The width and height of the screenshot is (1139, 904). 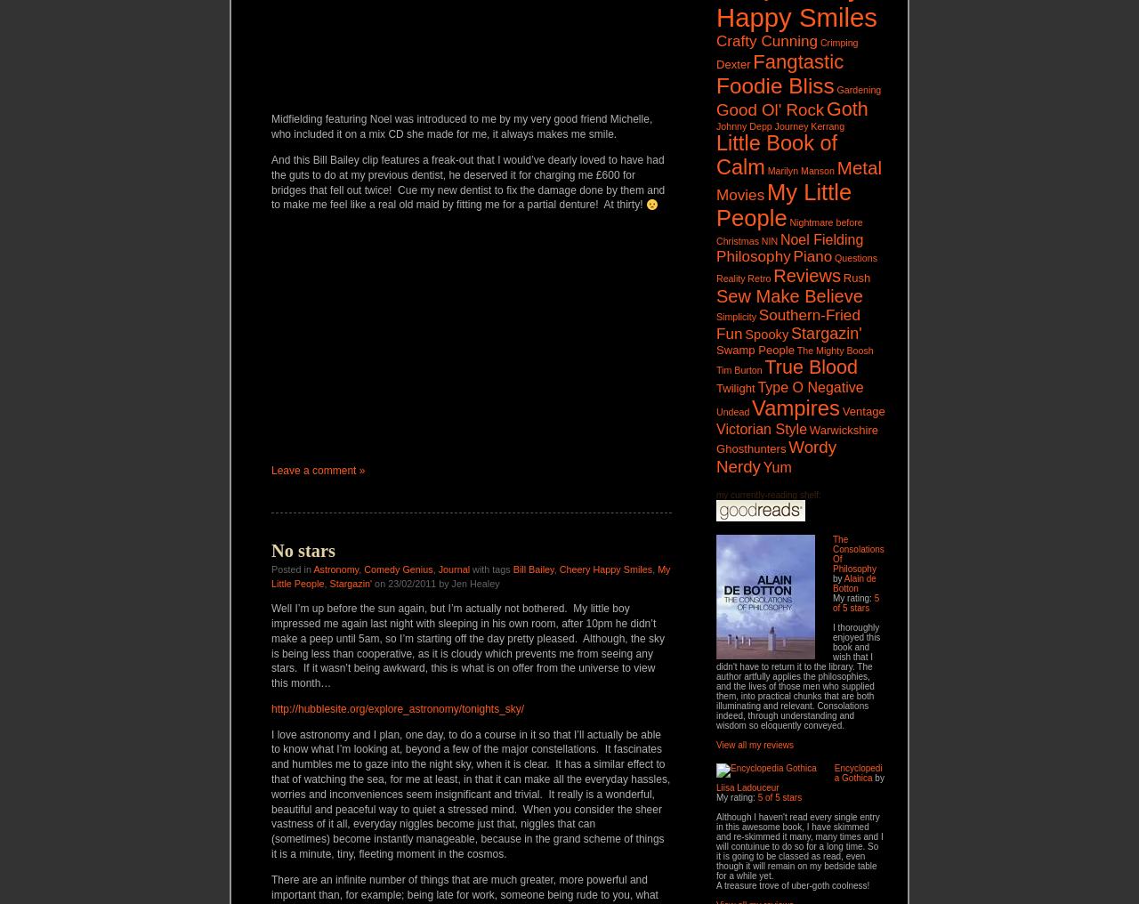 I want to click on 'with tags', so click(x=491, y=567).